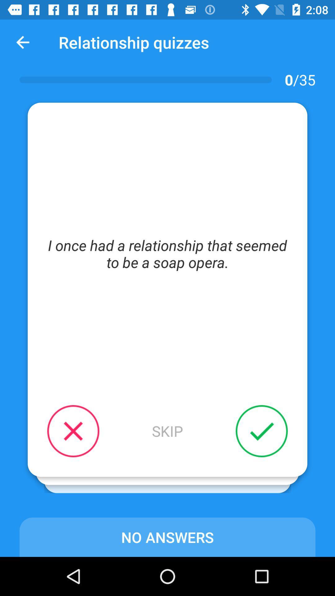 The height and width of the screenshot is (596, 335). I want to click on the check icon, so click(261, 431).